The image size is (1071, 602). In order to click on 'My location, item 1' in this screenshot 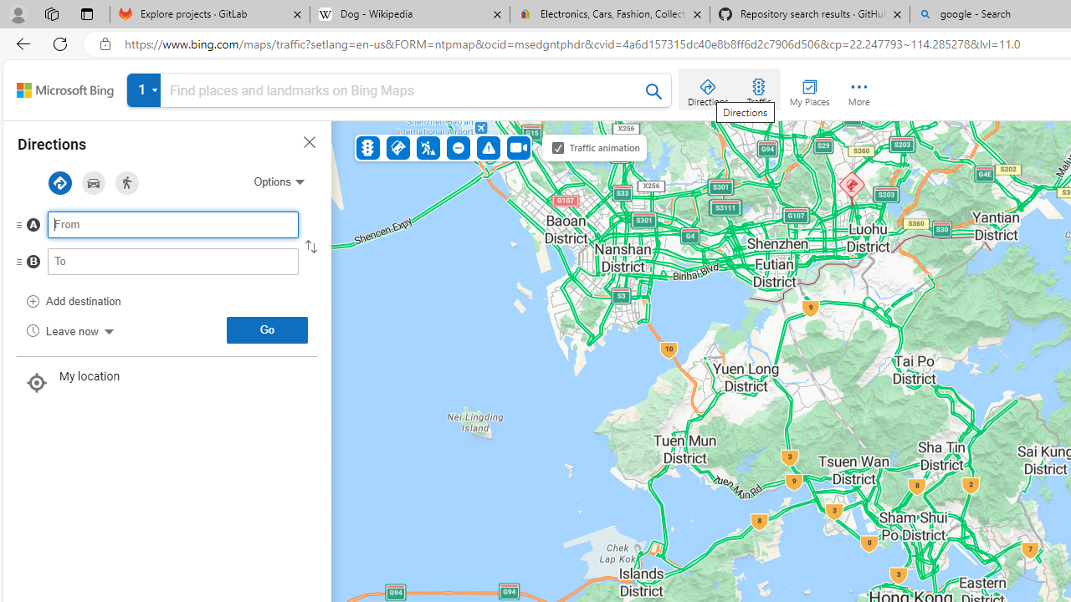, I will do `click(167, 384)`.